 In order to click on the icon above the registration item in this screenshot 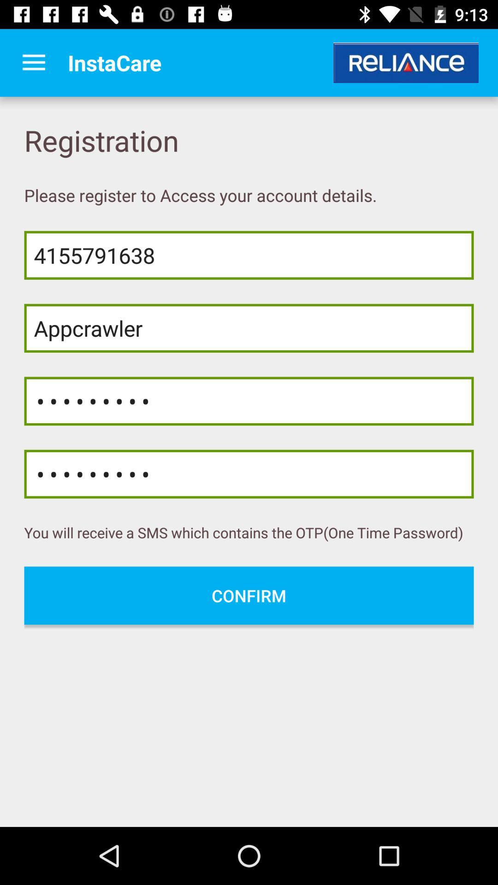, I will do `click(33, 62)`.